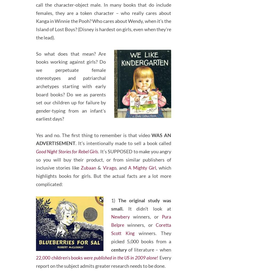 The width and height of the screenshot is (280, 276). Describe the element at coordinates (121, 175) in the screenshot. I see `', and'` at that location.